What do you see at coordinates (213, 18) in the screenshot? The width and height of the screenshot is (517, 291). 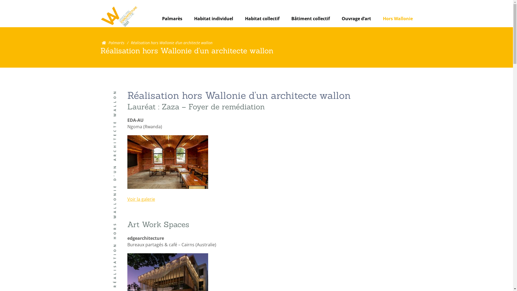 I see `'Habitat individuel'` at bounding box center [213, 18].